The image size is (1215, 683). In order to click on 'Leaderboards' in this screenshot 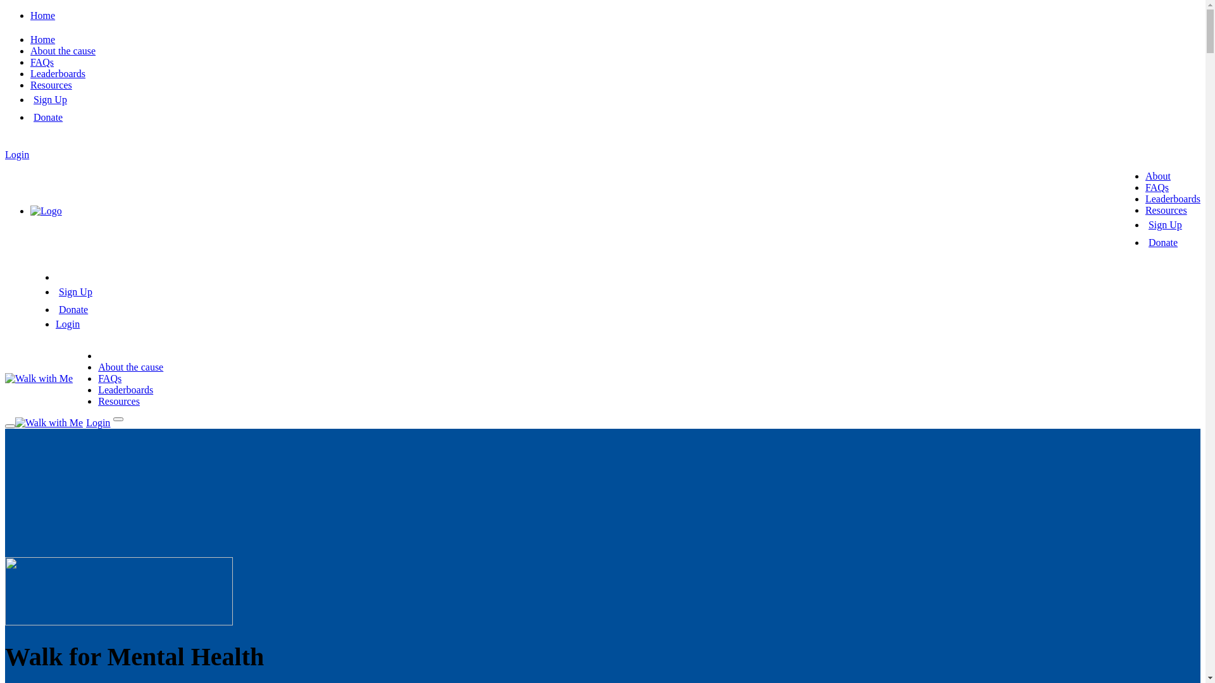, I will do `click(1172, 199)`.